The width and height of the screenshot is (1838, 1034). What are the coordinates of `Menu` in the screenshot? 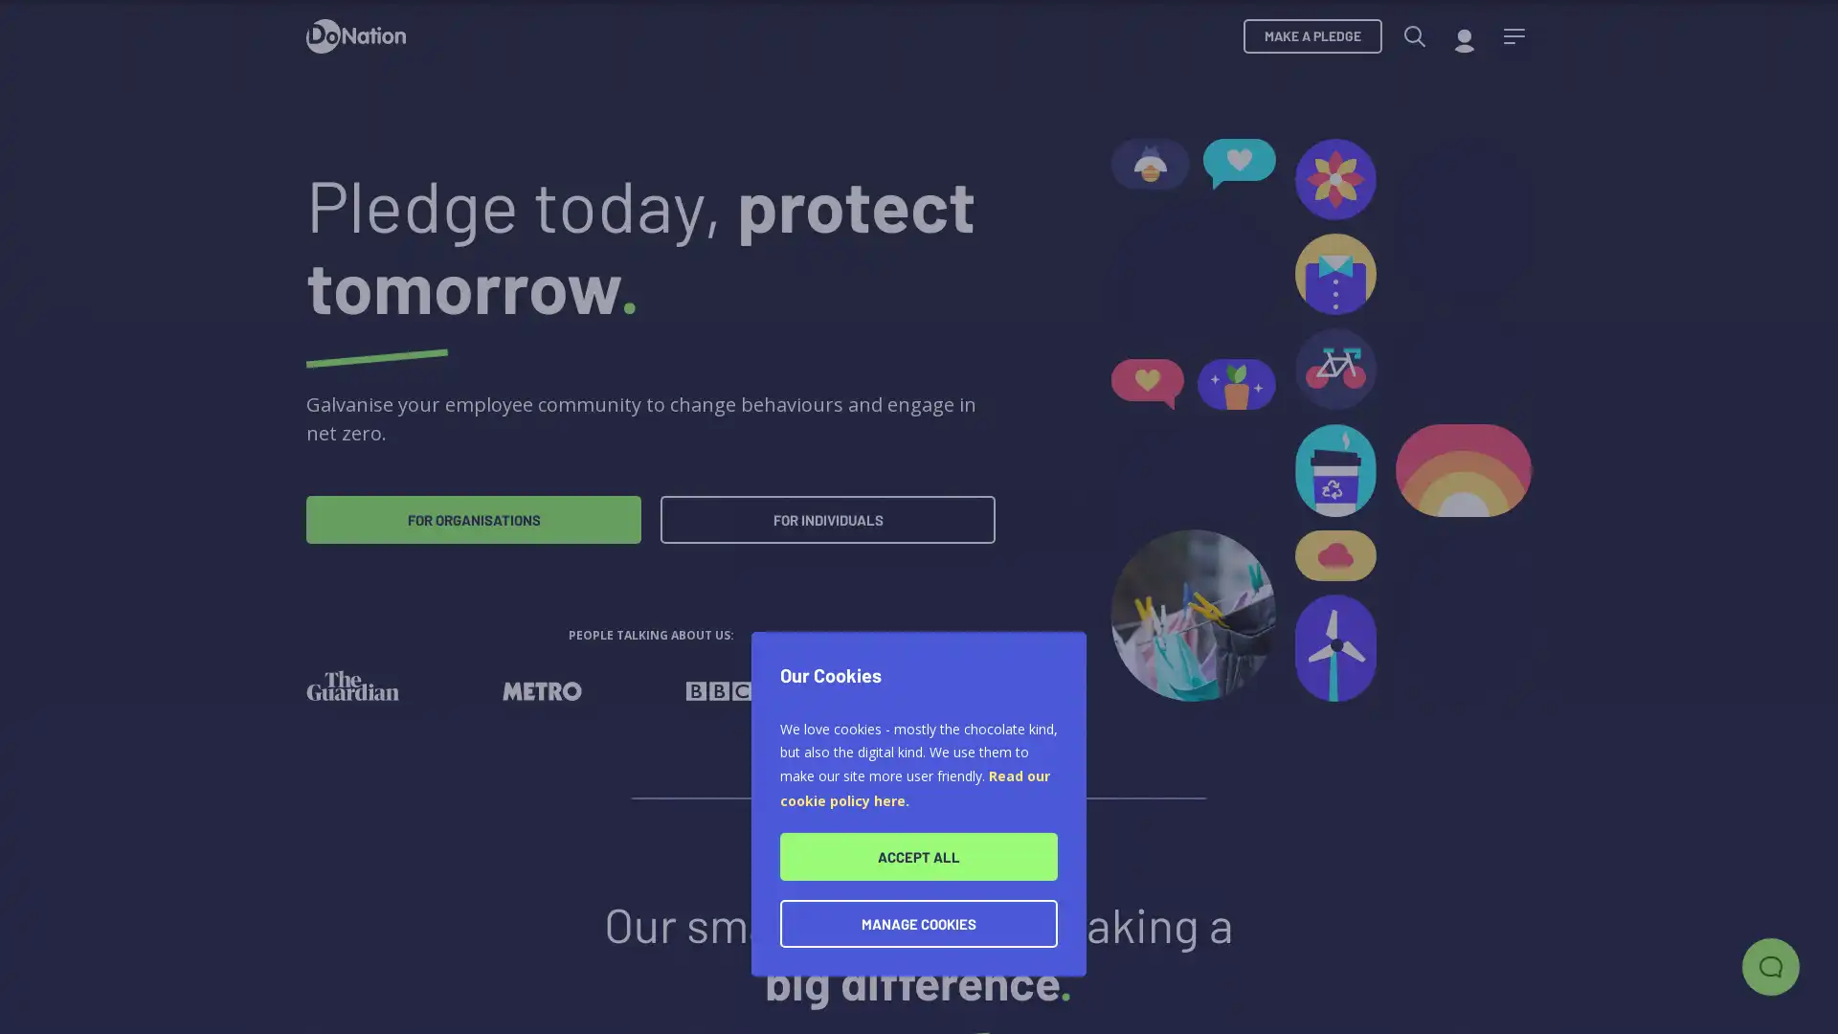 It's located at (1513, 36).